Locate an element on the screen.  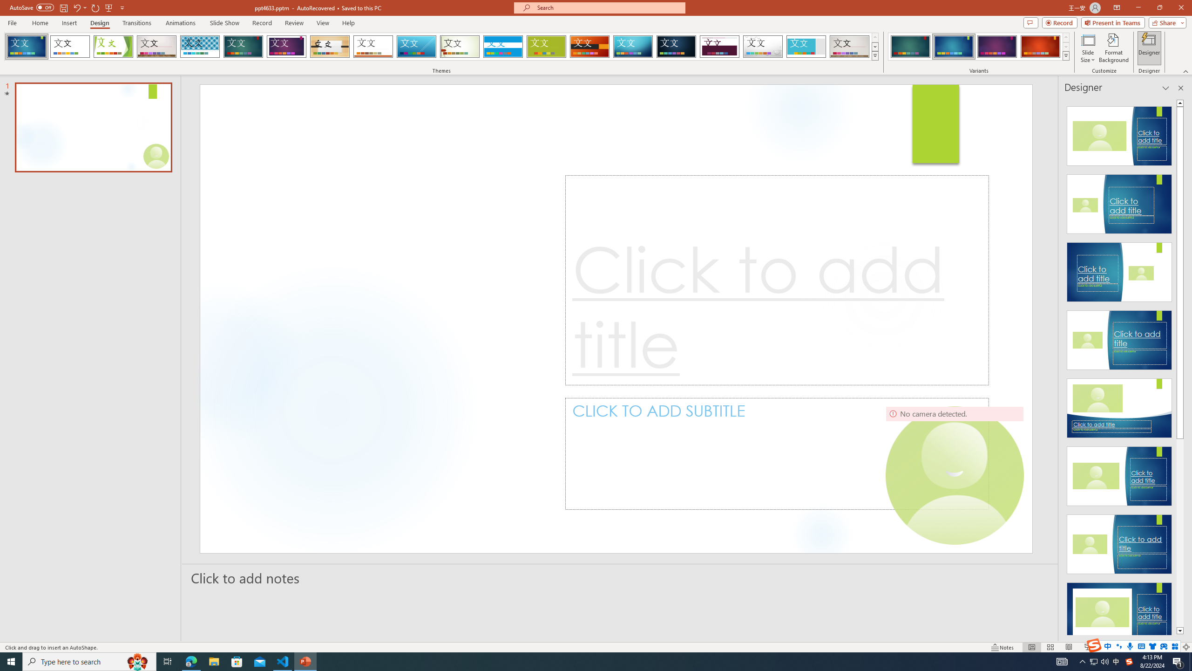
'Zoom 140%' is located at coordinates (1171, 647).